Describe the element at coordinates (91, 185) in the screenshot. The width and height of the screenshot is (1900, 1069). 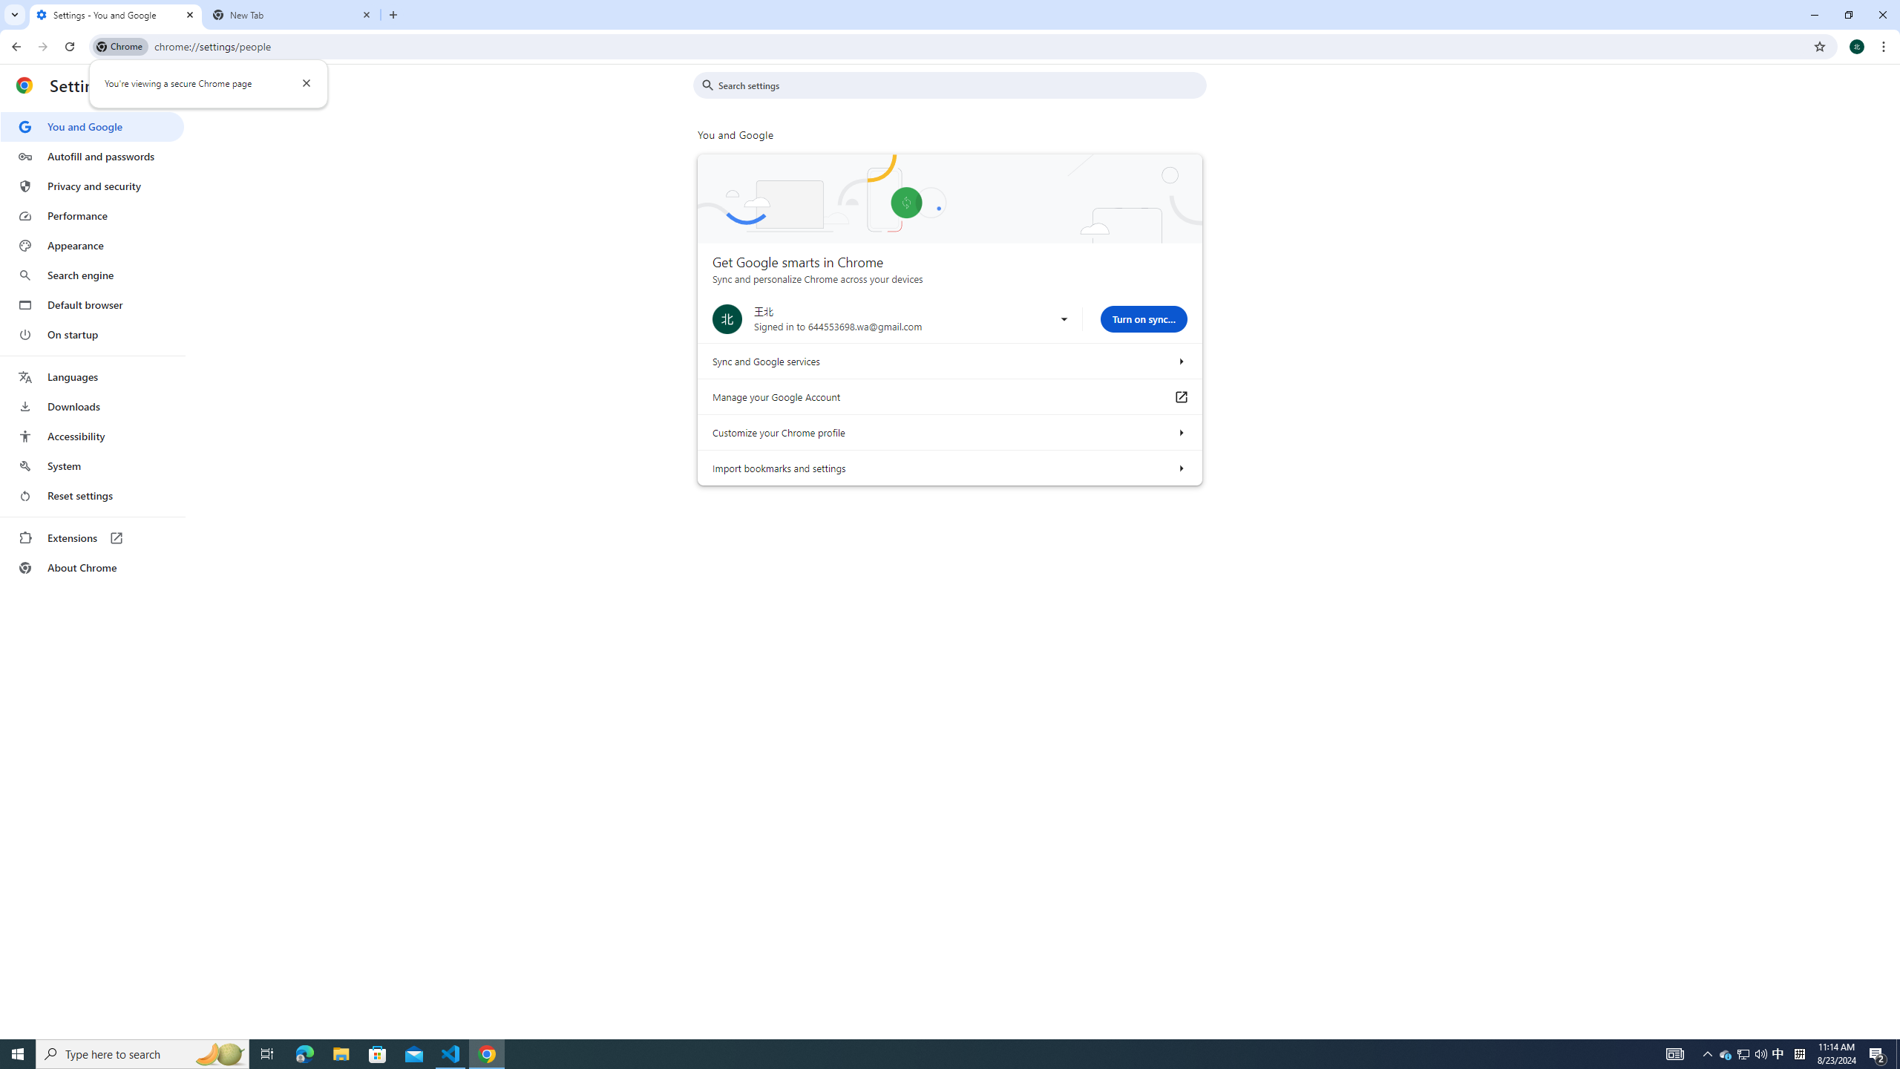
I see `'Privacy and security'` at that location.